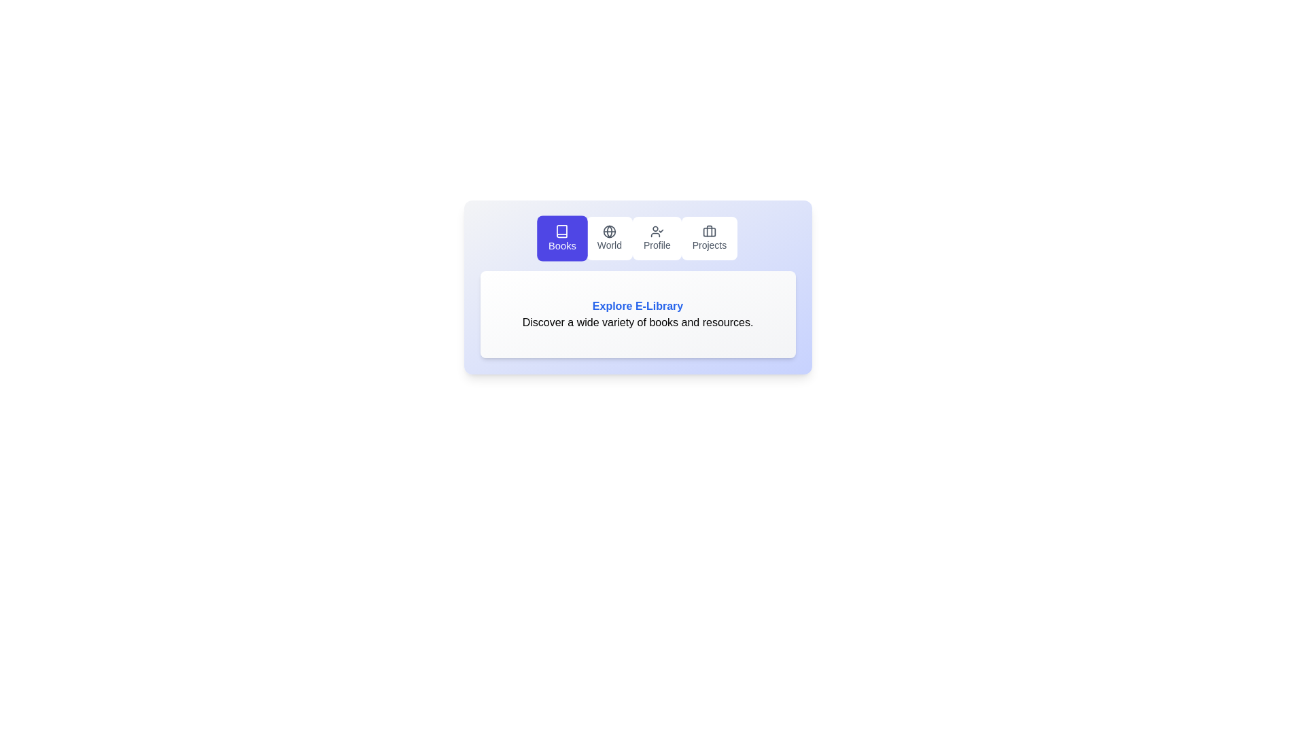  Describe the element at coordinates (562, 238) in the screenshot. I see `the tab button labeled Books to switch to the corresponding tab` at that location.